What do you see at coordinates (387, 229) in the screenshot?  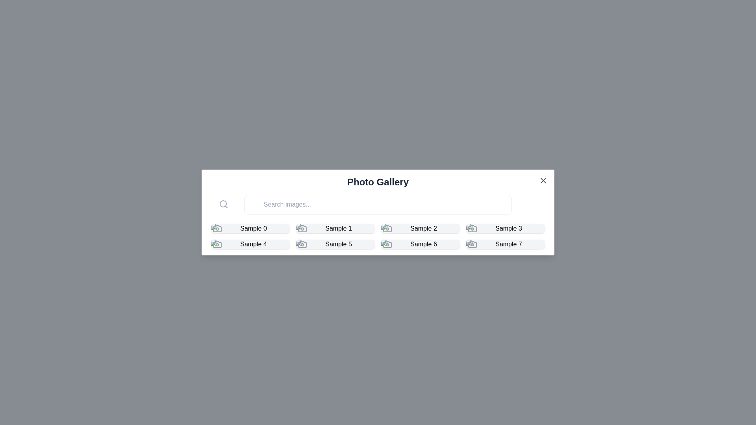 I see `the camera icon located in the 'Photo Gallery' interface, positioned above the 'Sample 2' label in the second row, first column` at bounding box center [387, 229].